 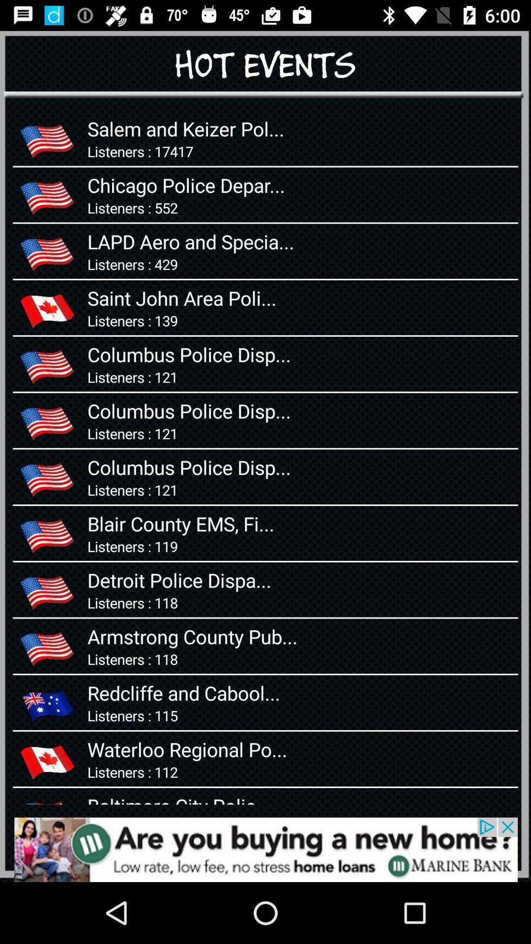 I want to click on advertisement, so click(x=265, y=849).